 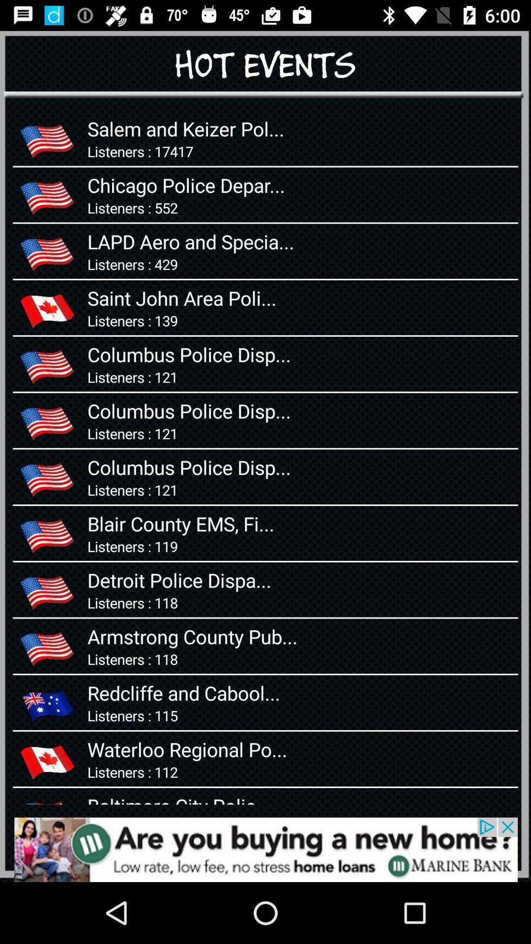 I want to click on advertisement, so click(x=265, y=849).